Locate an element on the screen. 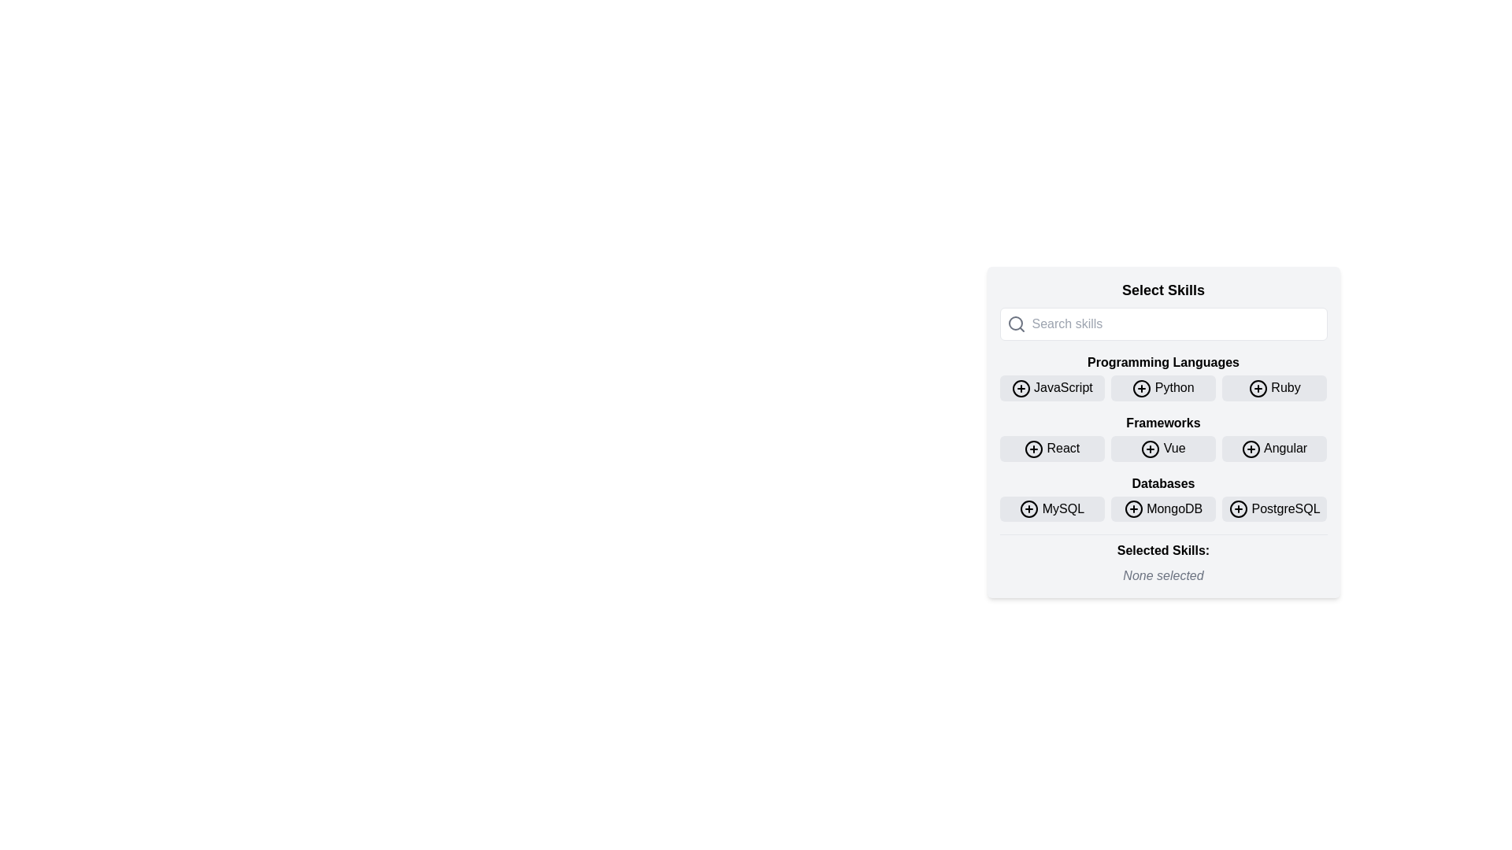  the icon button with a plus sign is located at coordinates (1238, 509).